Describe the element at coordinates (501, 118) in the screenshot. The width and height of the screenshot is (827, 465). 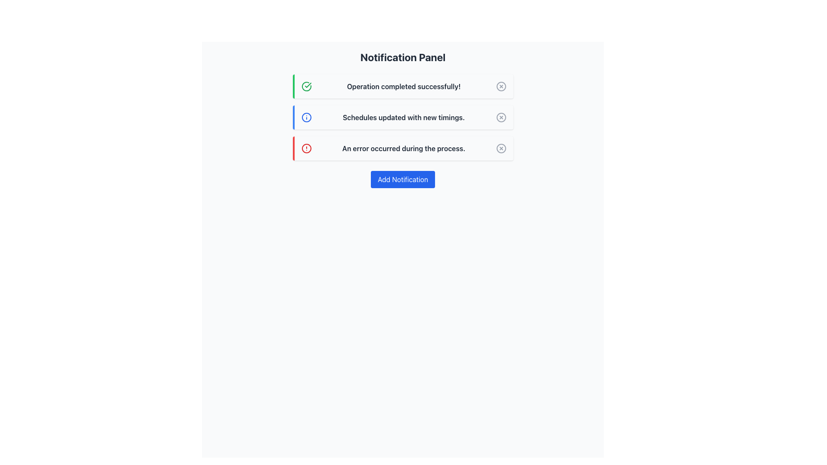
I see `the button located in the second notification panel, positioned at the far right beside the text 'Schedules updated with new timings.' to change its color` at that location.